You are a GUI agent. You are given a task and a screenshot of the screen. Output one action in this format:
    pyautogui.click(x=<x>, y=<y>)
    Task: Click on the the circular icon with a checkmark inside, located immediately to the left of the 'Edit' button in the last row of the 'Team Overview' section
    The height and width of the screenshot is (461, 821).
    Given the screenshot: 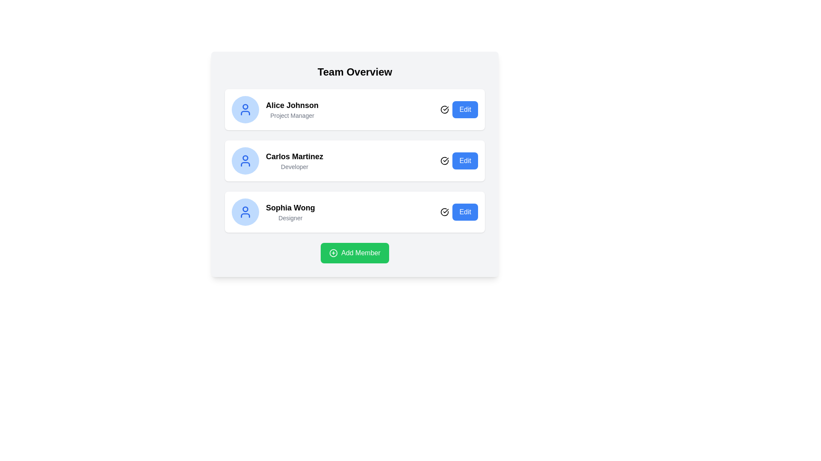 What is the action you would take?
    pyautogui.click(x=445, y=212)
    